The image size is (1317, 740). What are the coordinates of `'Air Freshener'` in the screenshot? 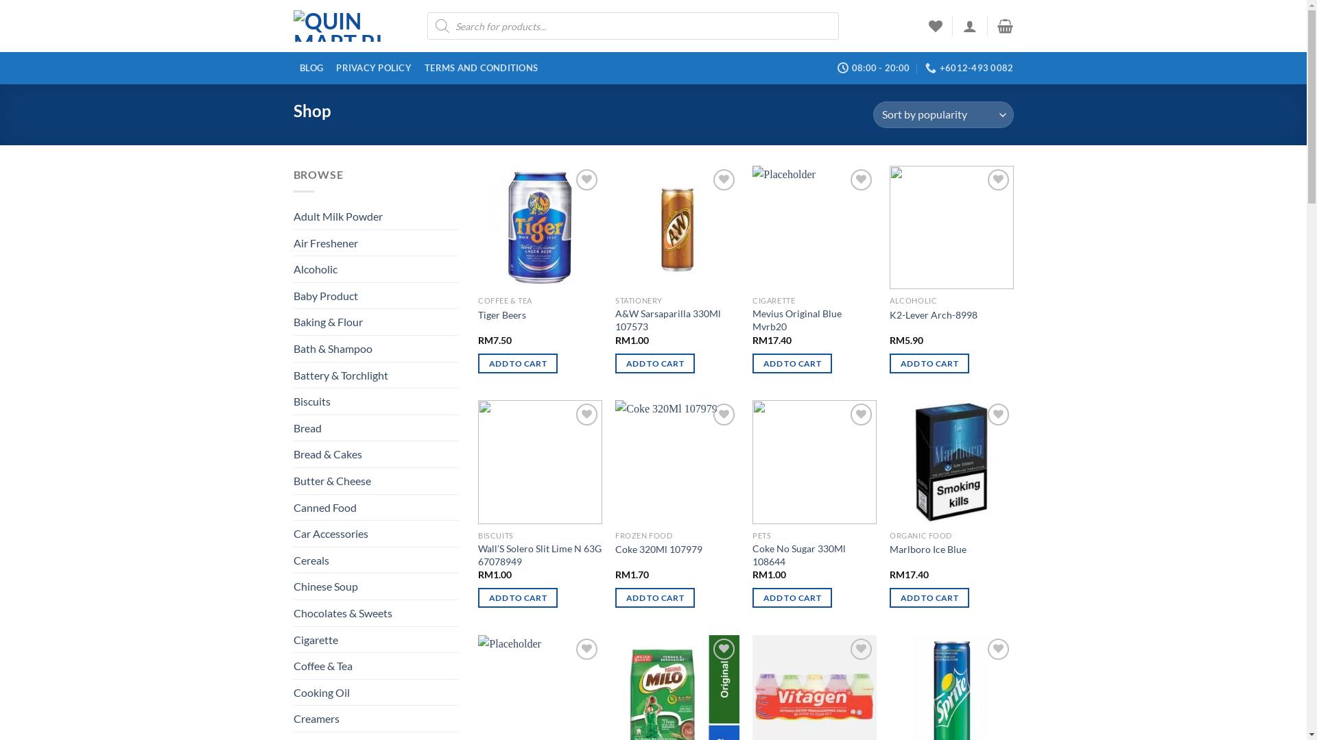 It's located at (292, 242).